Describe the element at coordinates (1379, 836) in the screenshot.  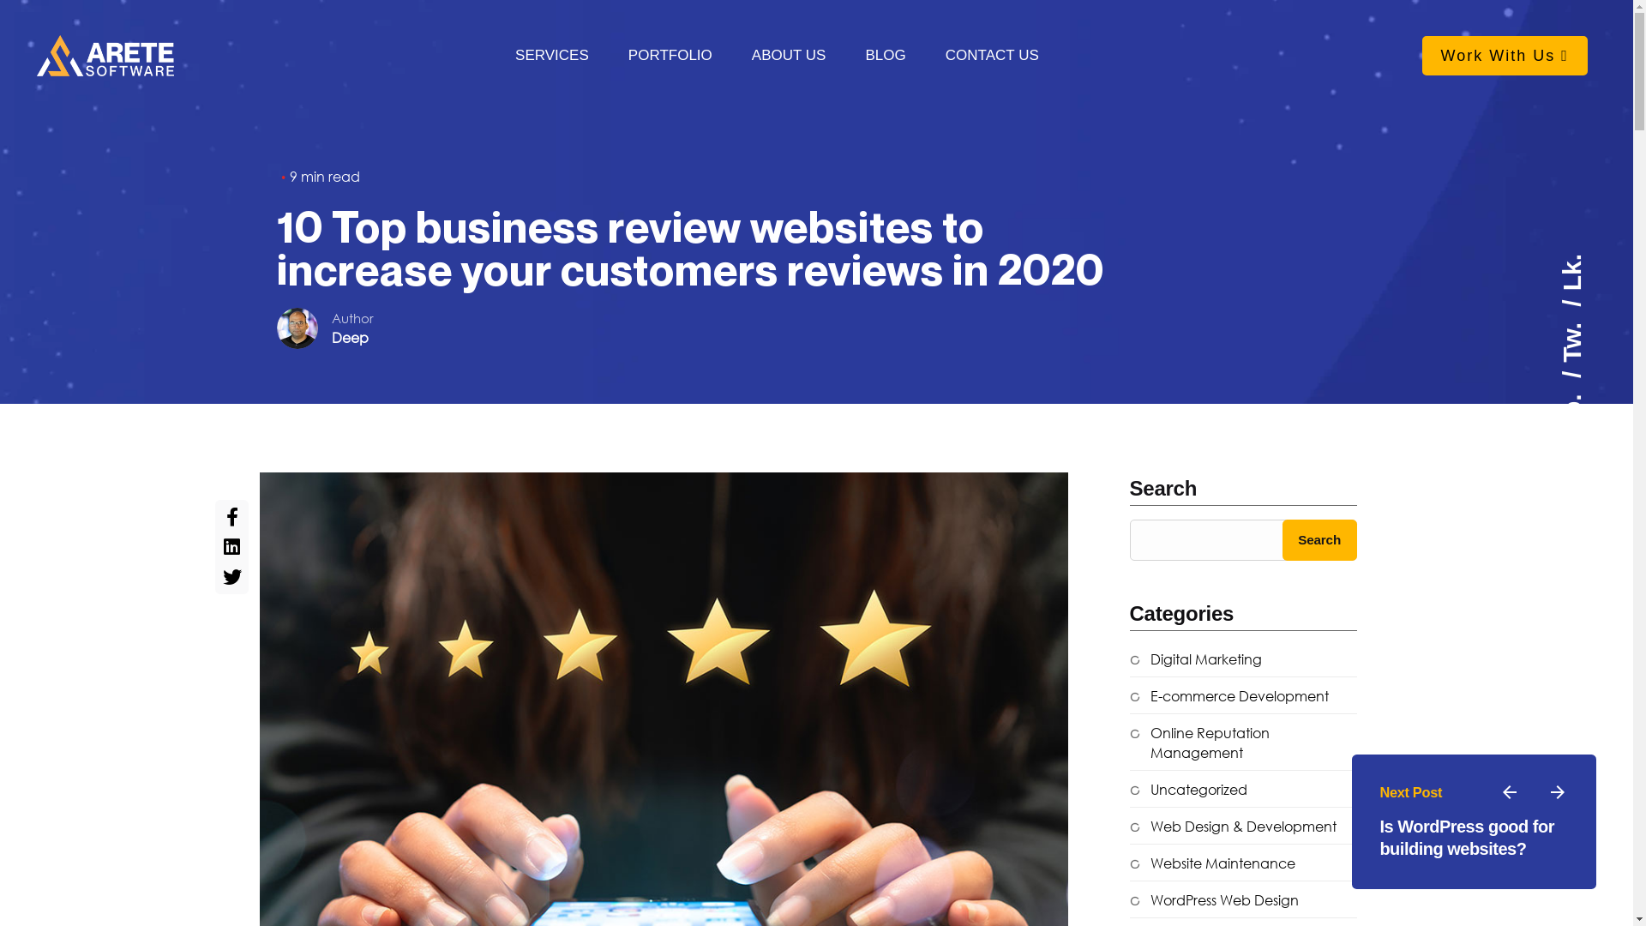
I see `'Is WordPress good for building websites?'` at that location.